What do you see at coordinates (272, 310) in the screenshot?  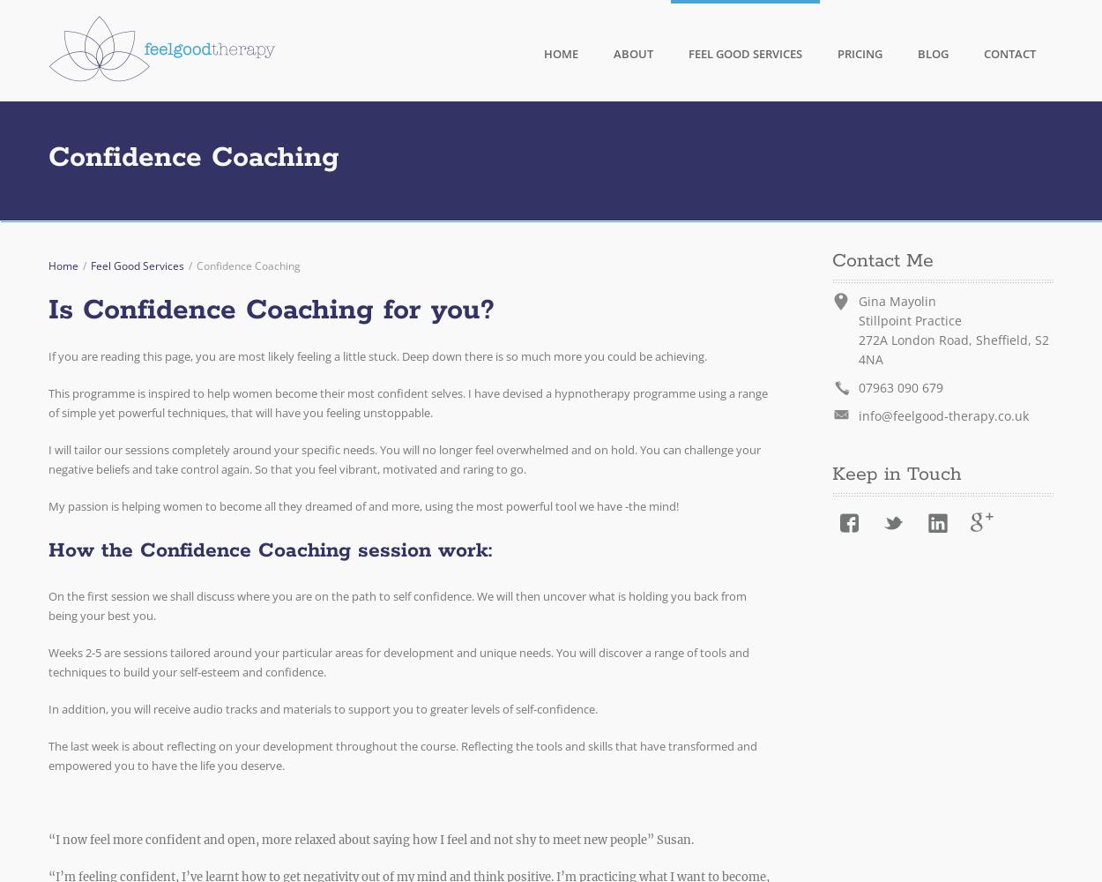 I see `'Is Confidence Coaching for you?'` at bounding box center [272, 310].